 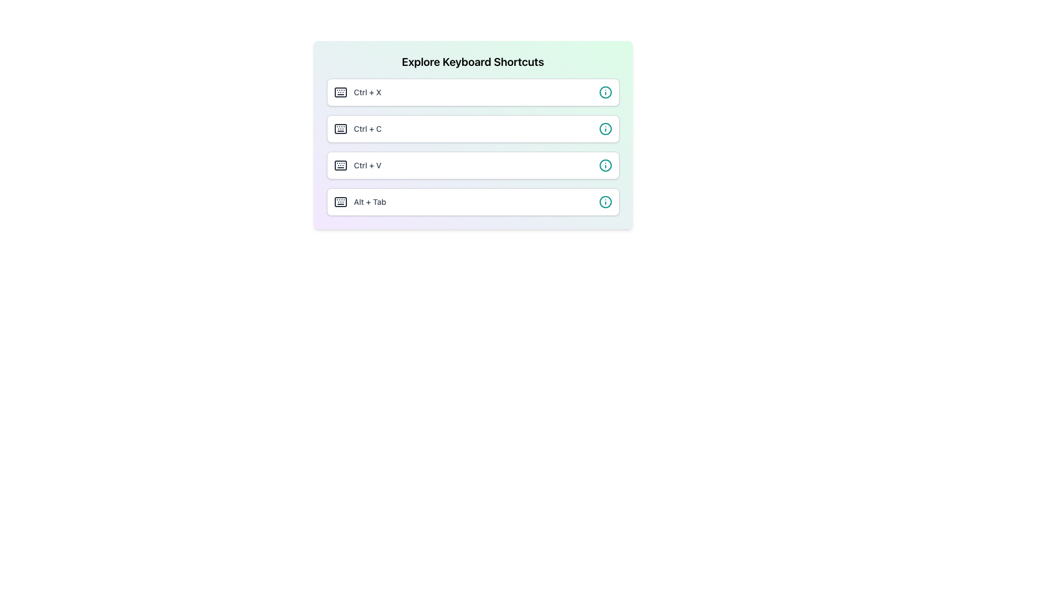 I want to click on the 'Cut' keyboard shortcut displayed in the text label with an icon, which shows 'Ctrl + X' and is located in a rounded, white card below the header 'Explore Keyboard Shortcuts', so click(x=357, y=91).